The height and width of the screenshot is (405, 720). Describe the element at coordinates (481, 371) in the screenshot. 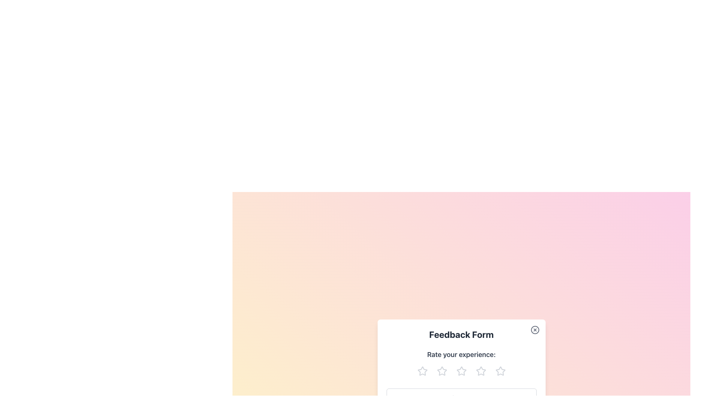

I see `the fourth star rating button in the feedback form labeled 'Rate your experience:'` at that location.